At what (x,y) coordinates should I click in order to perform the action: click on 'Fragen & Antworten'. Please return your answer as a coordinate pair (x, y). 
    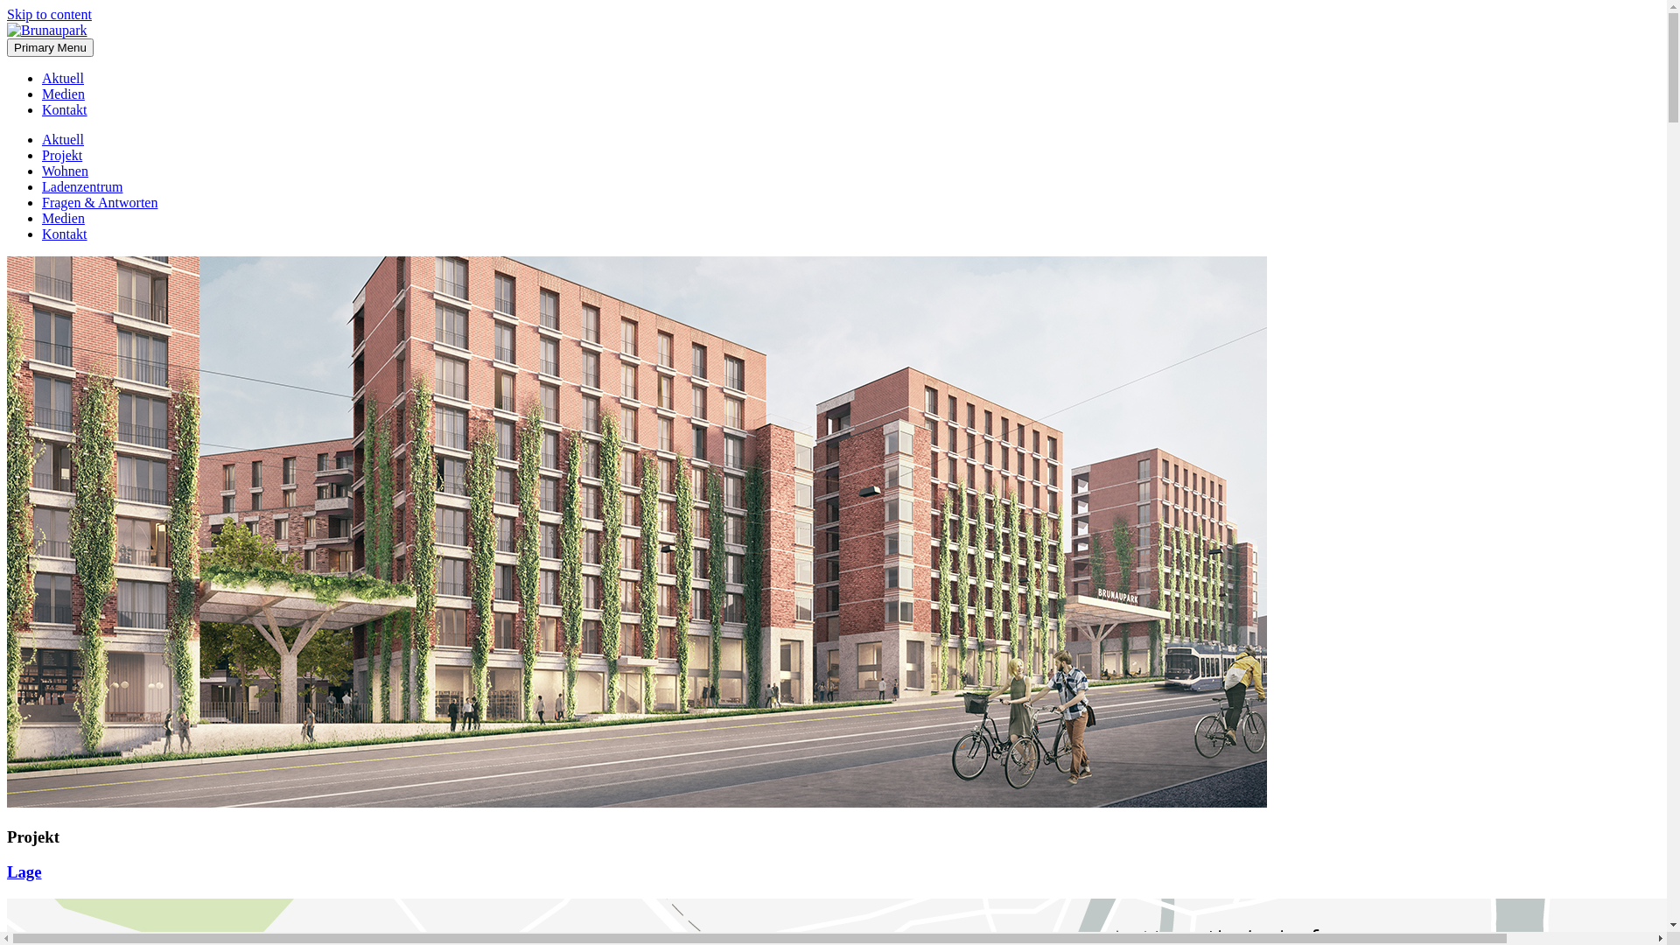
    Looking at the image, I should click on (99, 201).